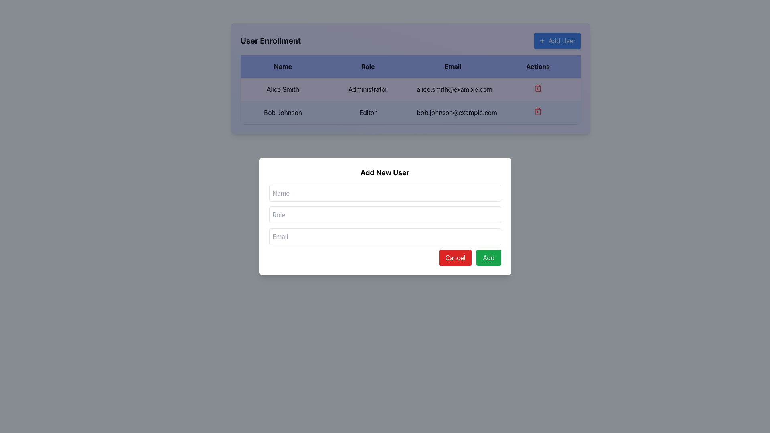 Image resolution: width=770 pixels, height=433 pixels. Describe the element at coordinates (538, 112) in the screenshot. I see `the trash bin icon located in the 'Actions' column of the user table, which represents the delete function for user entries` at that location.